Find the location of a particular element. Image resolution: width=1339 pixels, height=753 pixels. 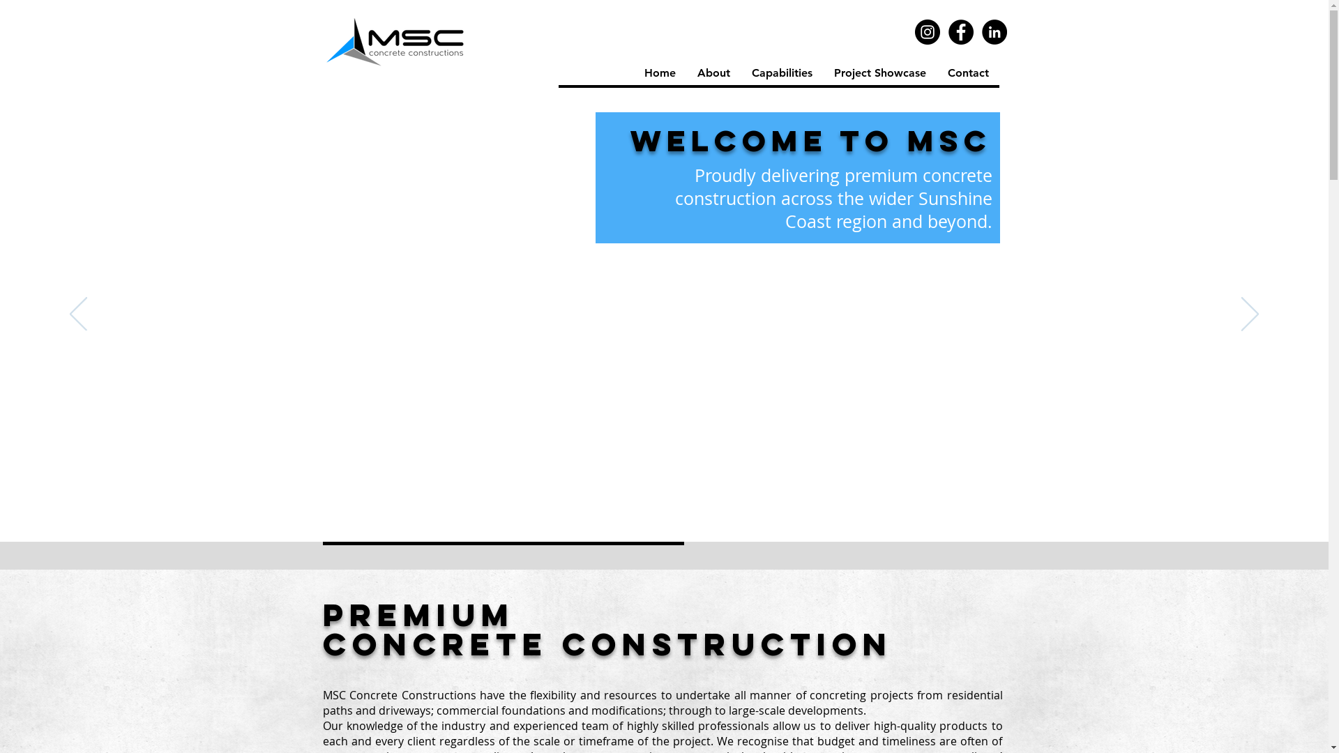

'Capabilities' is located at coordinates (739, 73).